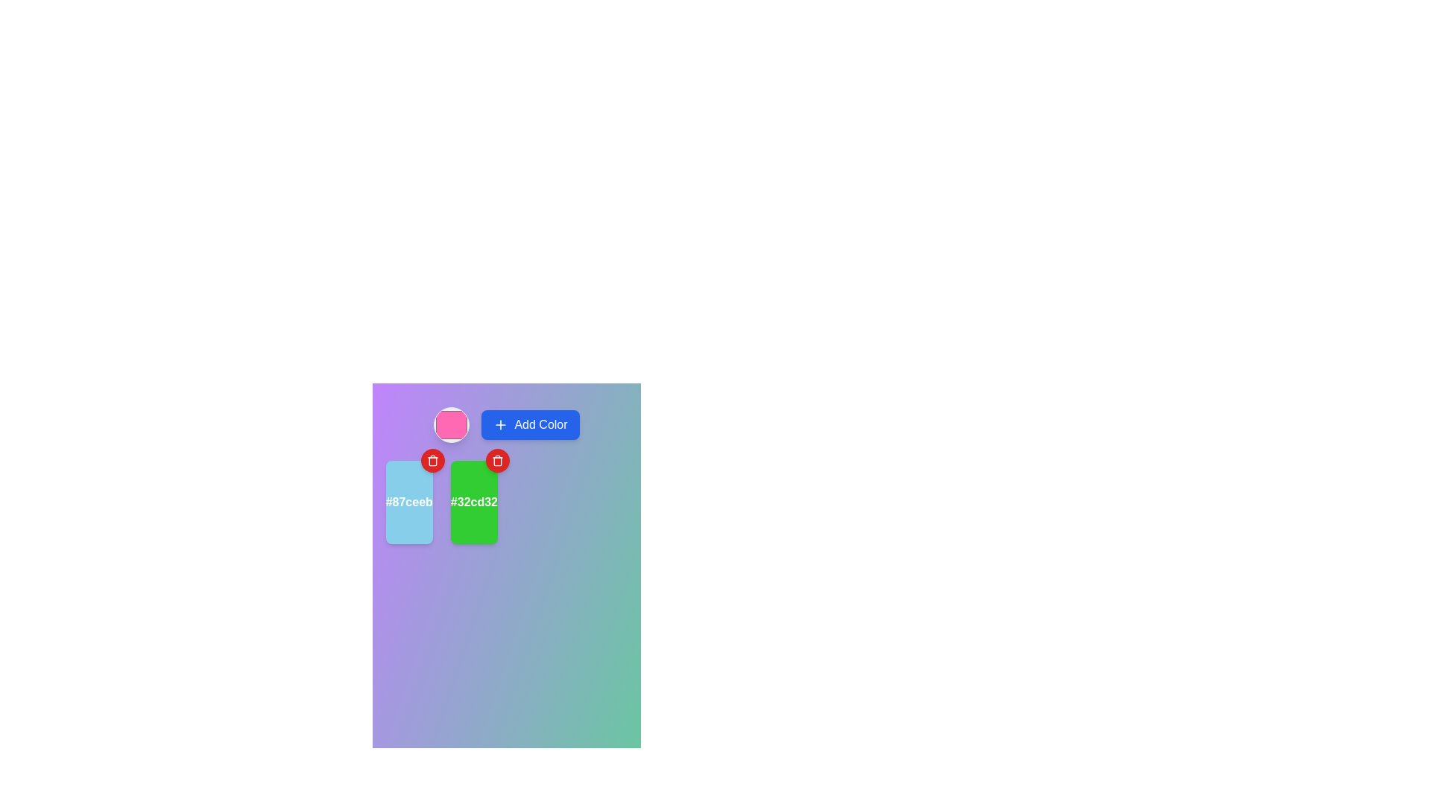 The image size is (1431, 804). I want to click on the 'Add Color' button, which has a blue background, white text, and a '+' icon, so click(530, 424).